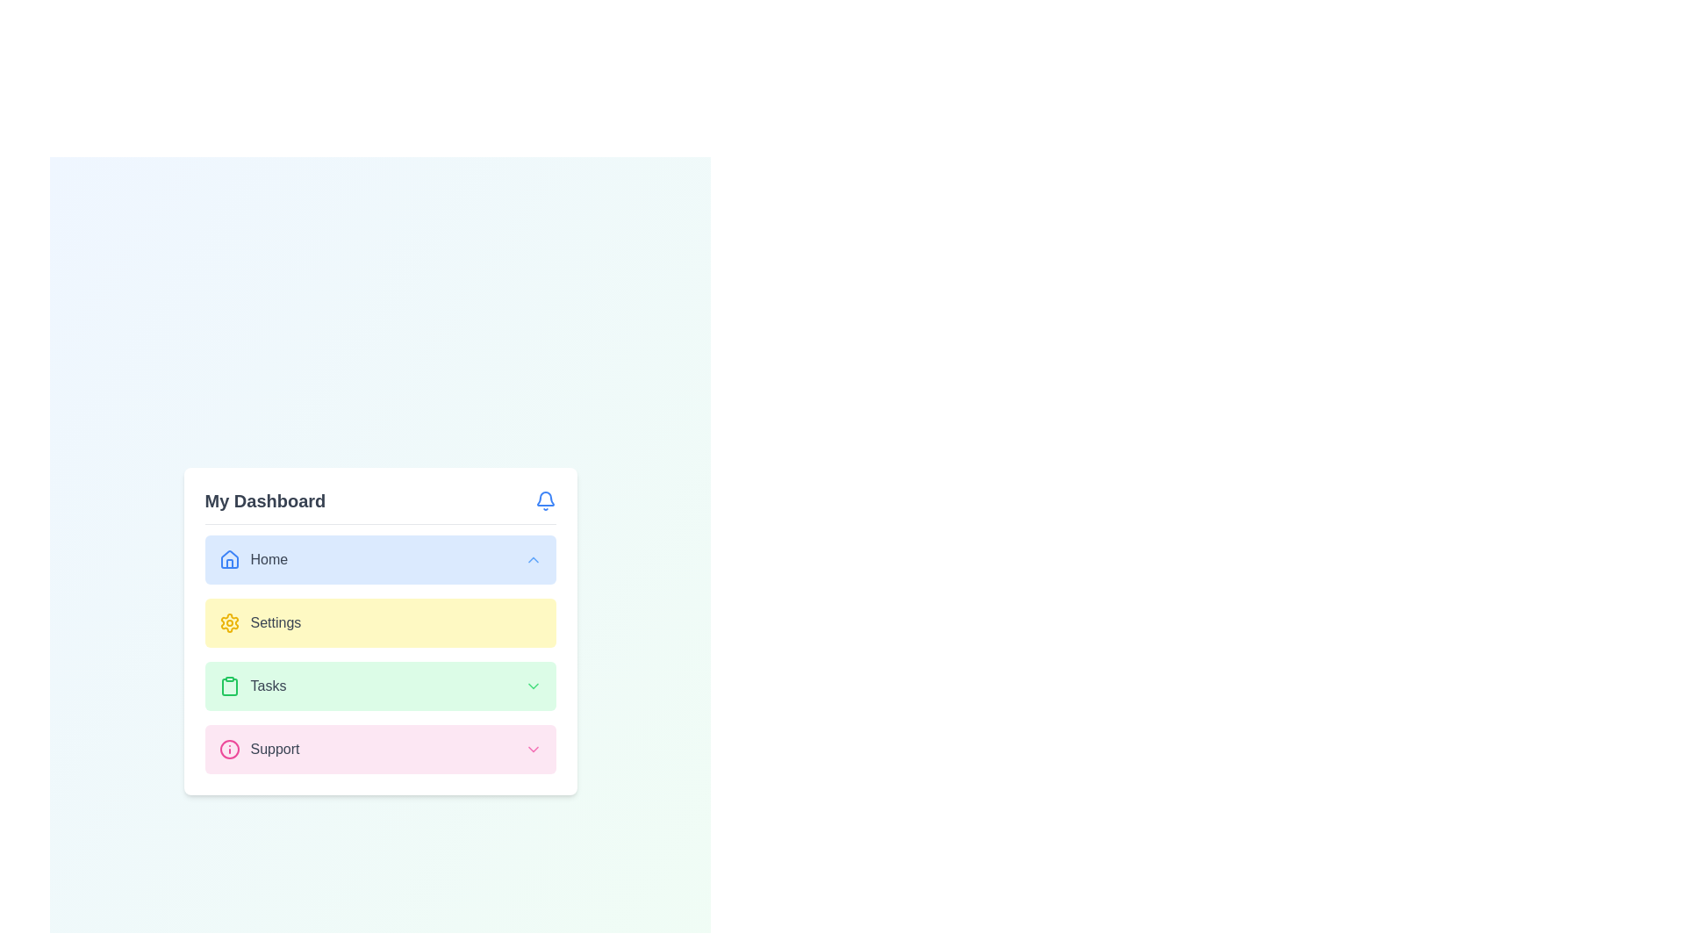 The height and width of the screenshot is (948, 1685). Describe the element at coordinates (379, 685) in the screenshot. I see `the 'Tasks' interactive menu item` at that location.